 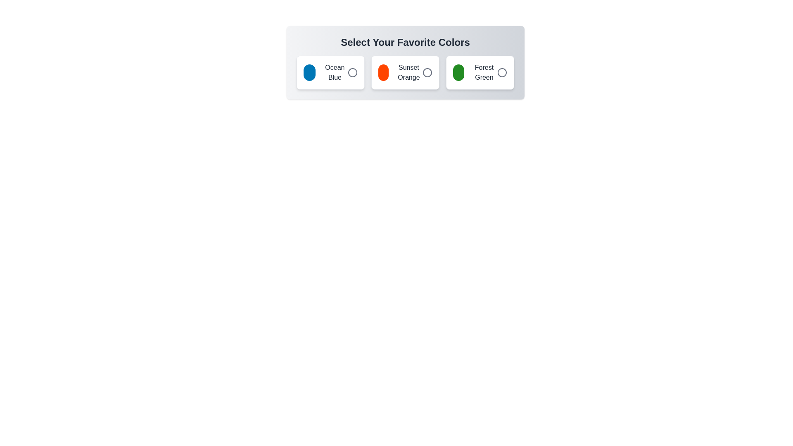 What do you see at coordinates (405, 72) in the screenshot?
I see `the label of the color Sunset Orange` at bounding box center [405, 72].